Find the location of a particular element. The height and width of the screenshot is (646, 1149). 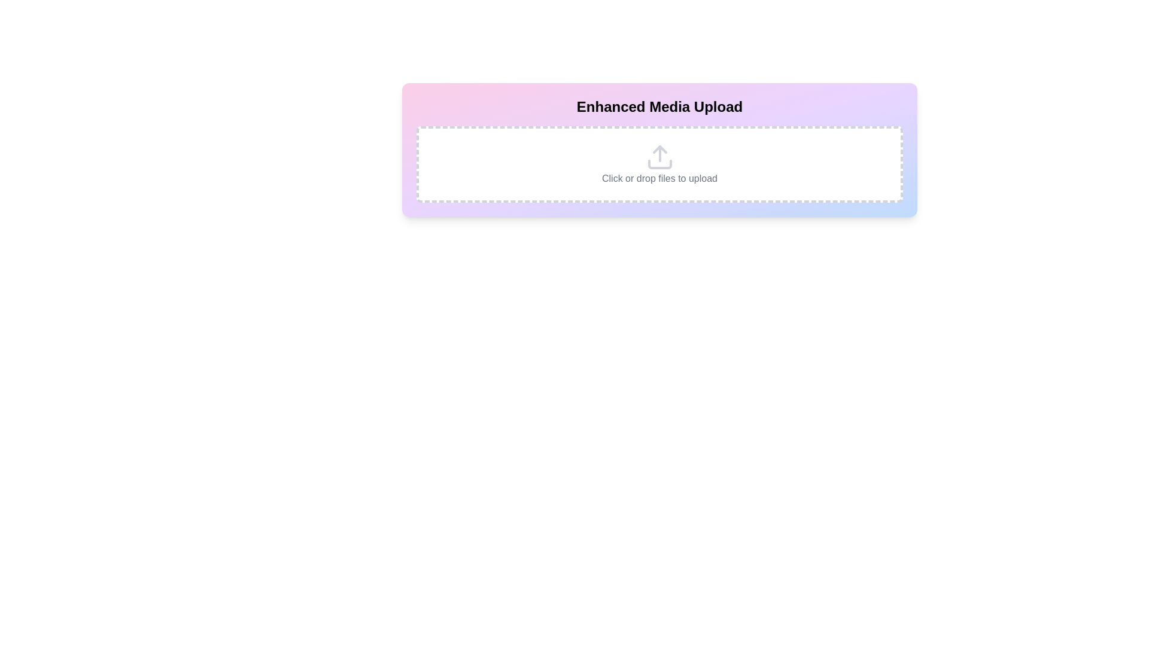

the upward-pointing arrowhead graphic symbol, which is part of the gray upload icon and positioned above the text 'Click or drop files to upload' is located at coordinates (659, 149).